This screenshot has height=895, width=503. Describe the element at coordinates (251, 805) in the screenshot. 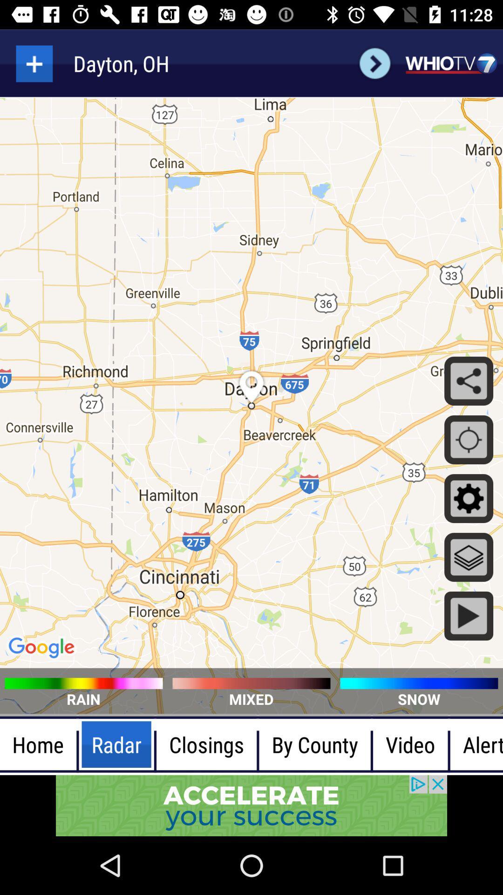

I see `advertisement click option` at that location.